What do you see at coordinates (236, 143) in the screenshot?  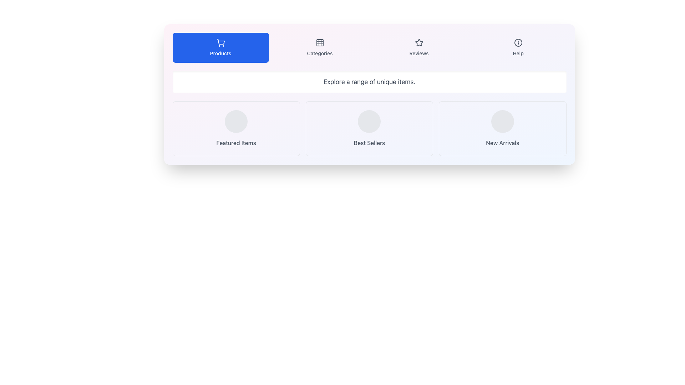 I see `the text label displaying 'Featured Items', which is styled with a gray font color and medium font weight, located within a card towards the left side of a row of cards` at bounding box center [236, 143].